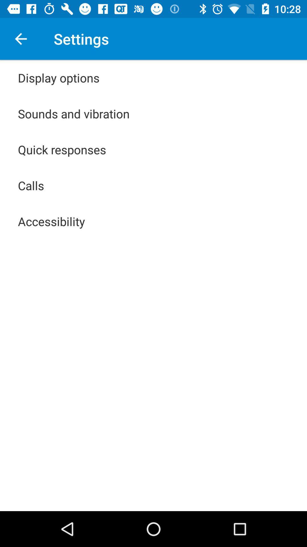 The width and height of the screenshot is (307, 547). I want to click on icon above the display options item, so click(20, 38).